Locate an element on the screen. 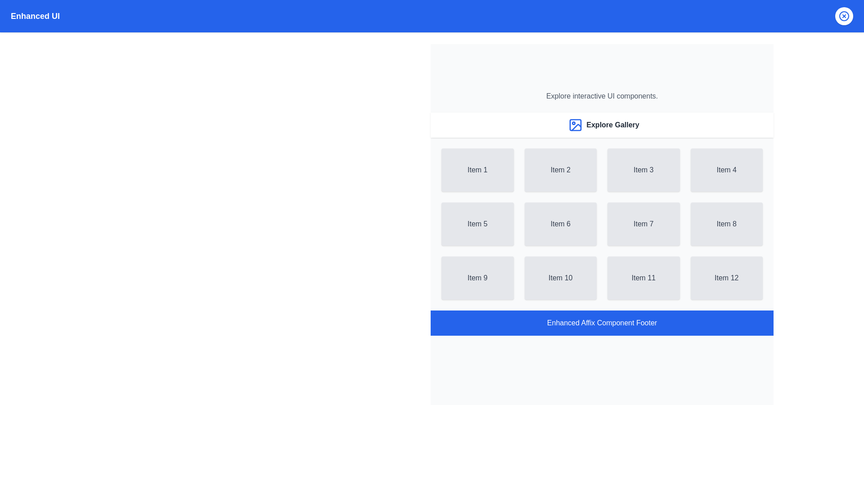 This screenshot has height=486, width=864. the button-like grid item labeled 'Item 10' by navigating via keyboard, if possible is located at coordinates (560, 277).